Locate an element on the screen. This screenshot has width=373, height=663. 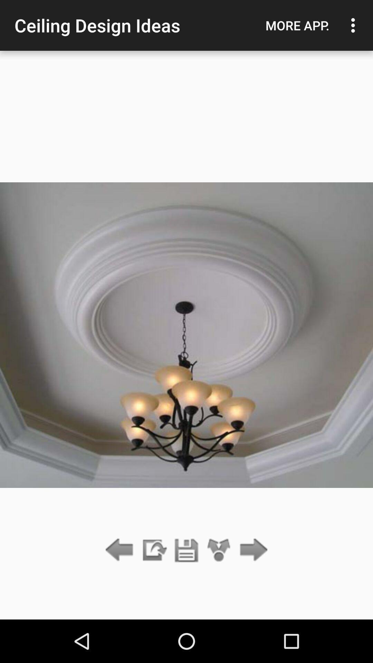
the app next to ceiling design ideas item is located at coordinates (297, 25).